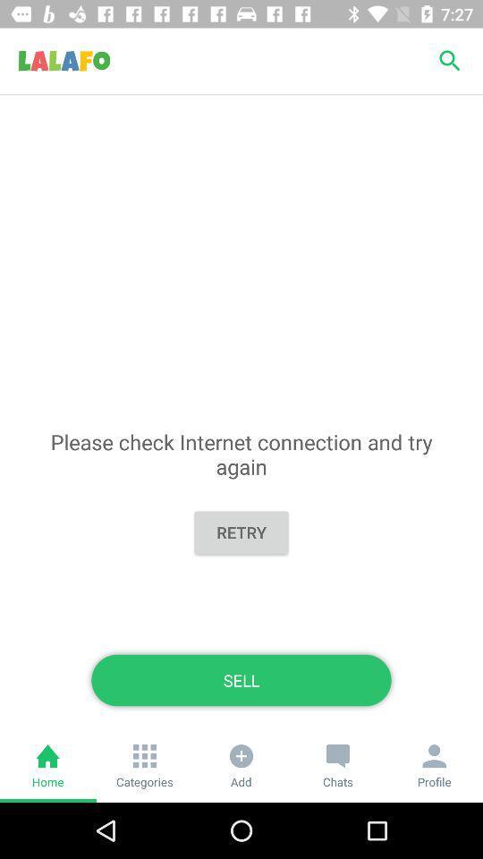  What do you see at coordinates (241, 532) in the screenshot?
I see `the retry icon` at bounding box center [241, 532].